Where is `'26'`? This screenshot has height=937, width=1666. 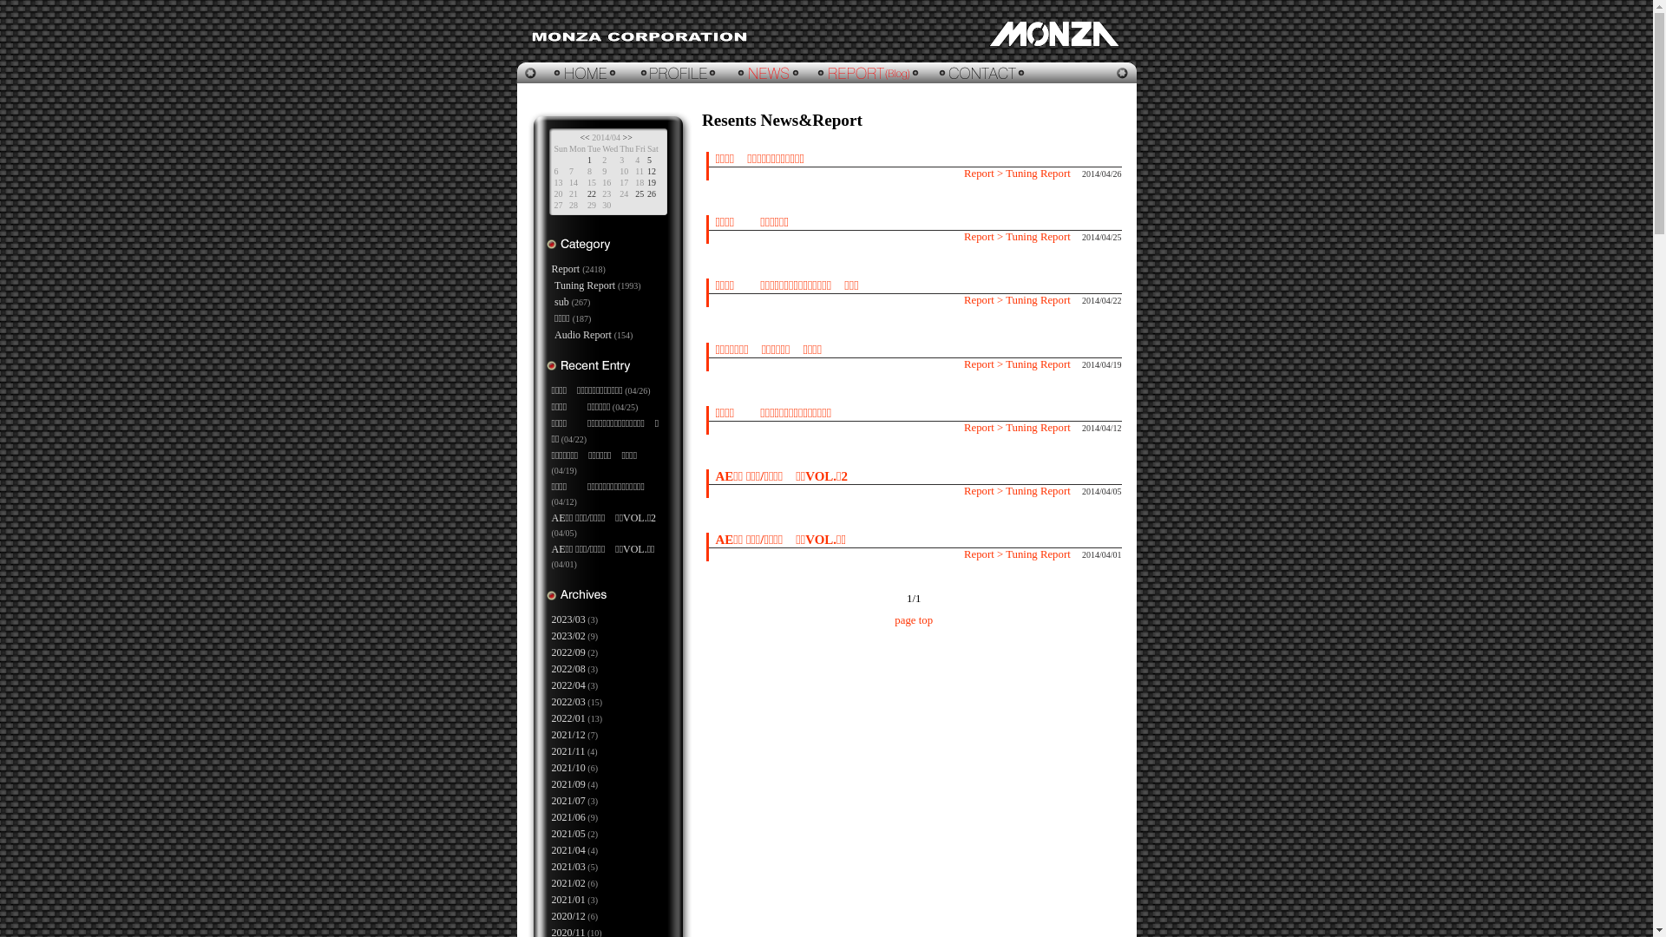 '26' is located at coordinates (650, 193).